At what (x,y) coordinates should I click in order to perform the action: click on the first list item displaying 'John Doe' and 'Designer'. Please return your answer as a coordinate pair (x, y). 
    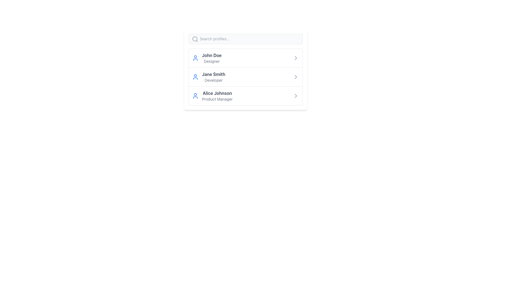
    Looking at the image, I should click on (211, 58).